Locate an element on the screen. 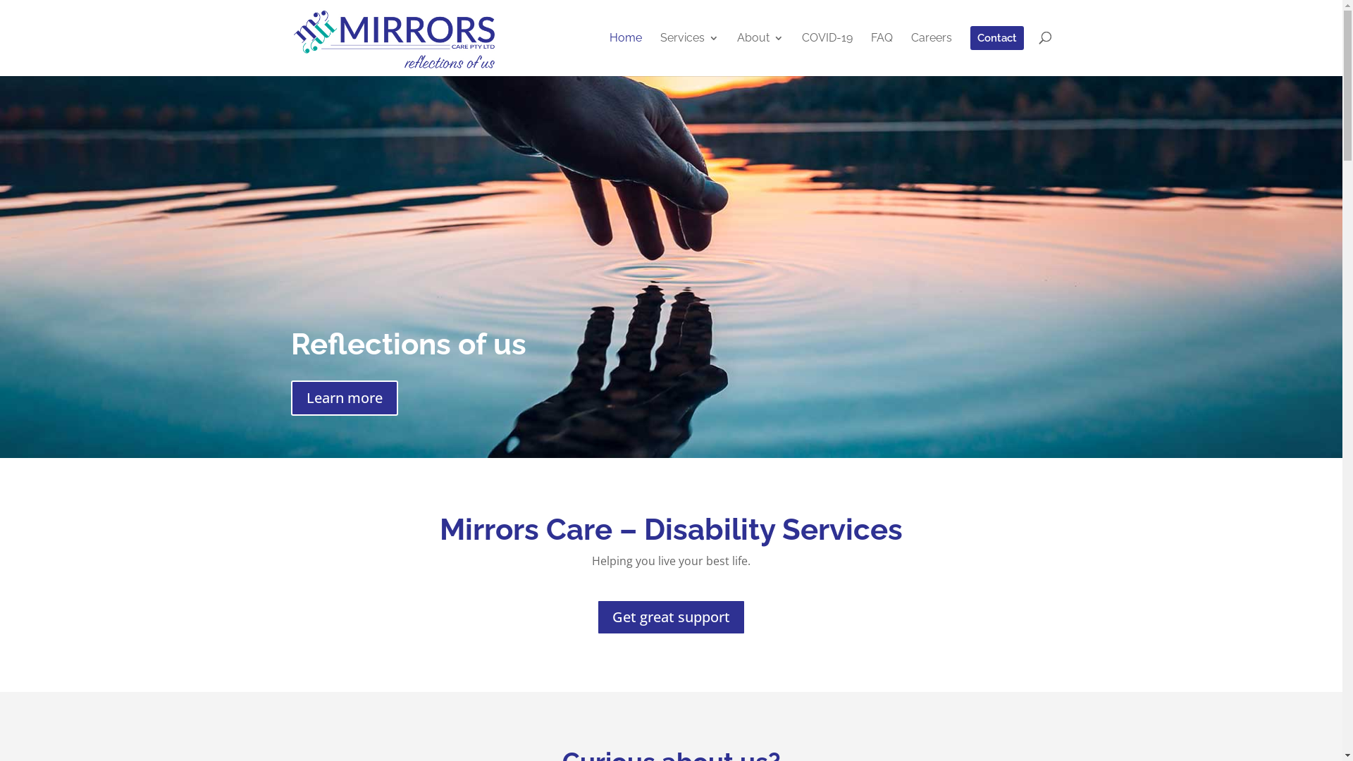  'FAQ' is located at coordinates (881, 53).